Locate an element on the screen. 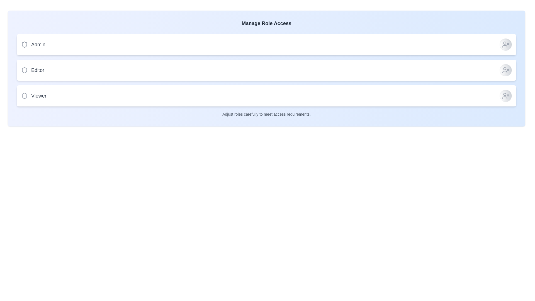 The height and width of the screenshot is (301, 535). the user-removal action icon within the clickable button that is located at the right end of the 'Editor' role entry row to indicate interaction intent is located at coordinates (505, 70).